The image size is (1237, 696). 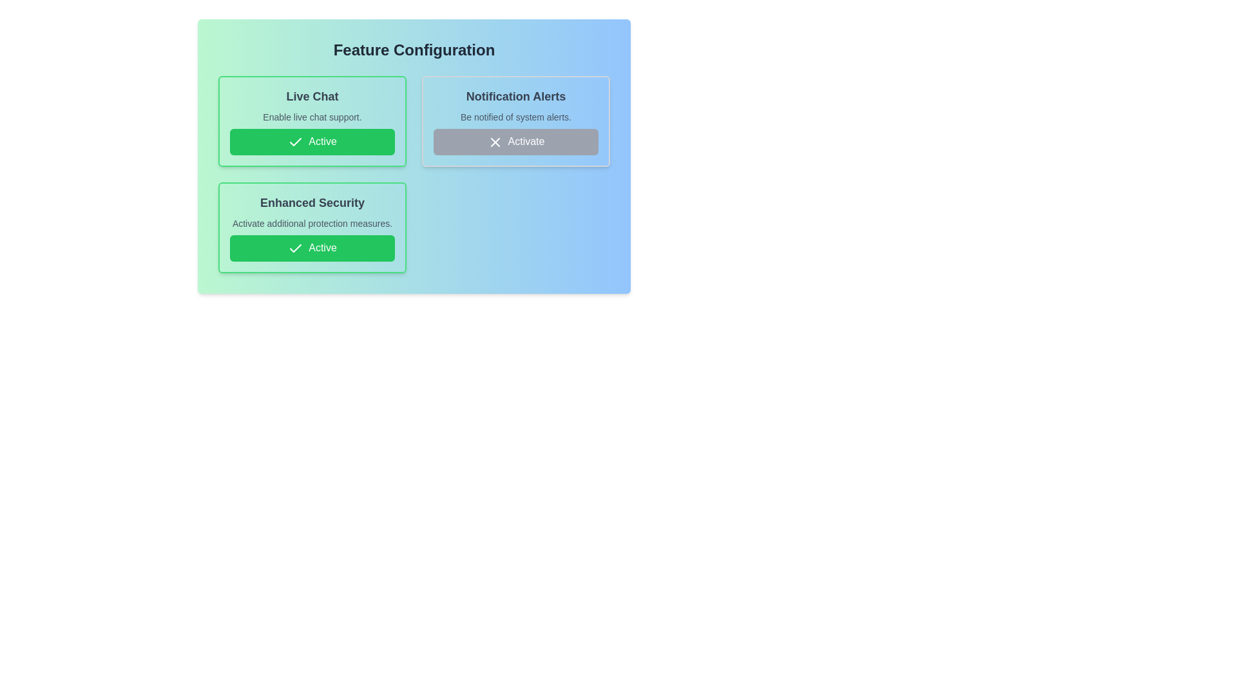 What do you see at coordinates (312, 227) in the screenshot?
I see `the text and description of the feature Enhanced Security` at bounding box center [312, 227].